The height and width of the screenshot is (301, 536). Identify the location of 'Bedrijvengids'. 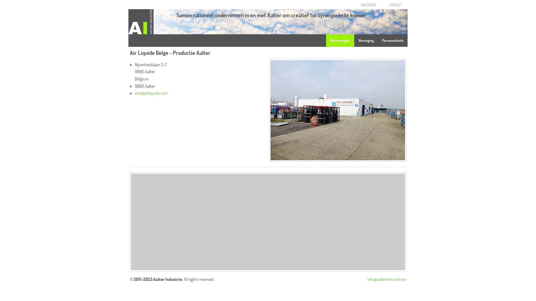
(326, 40).